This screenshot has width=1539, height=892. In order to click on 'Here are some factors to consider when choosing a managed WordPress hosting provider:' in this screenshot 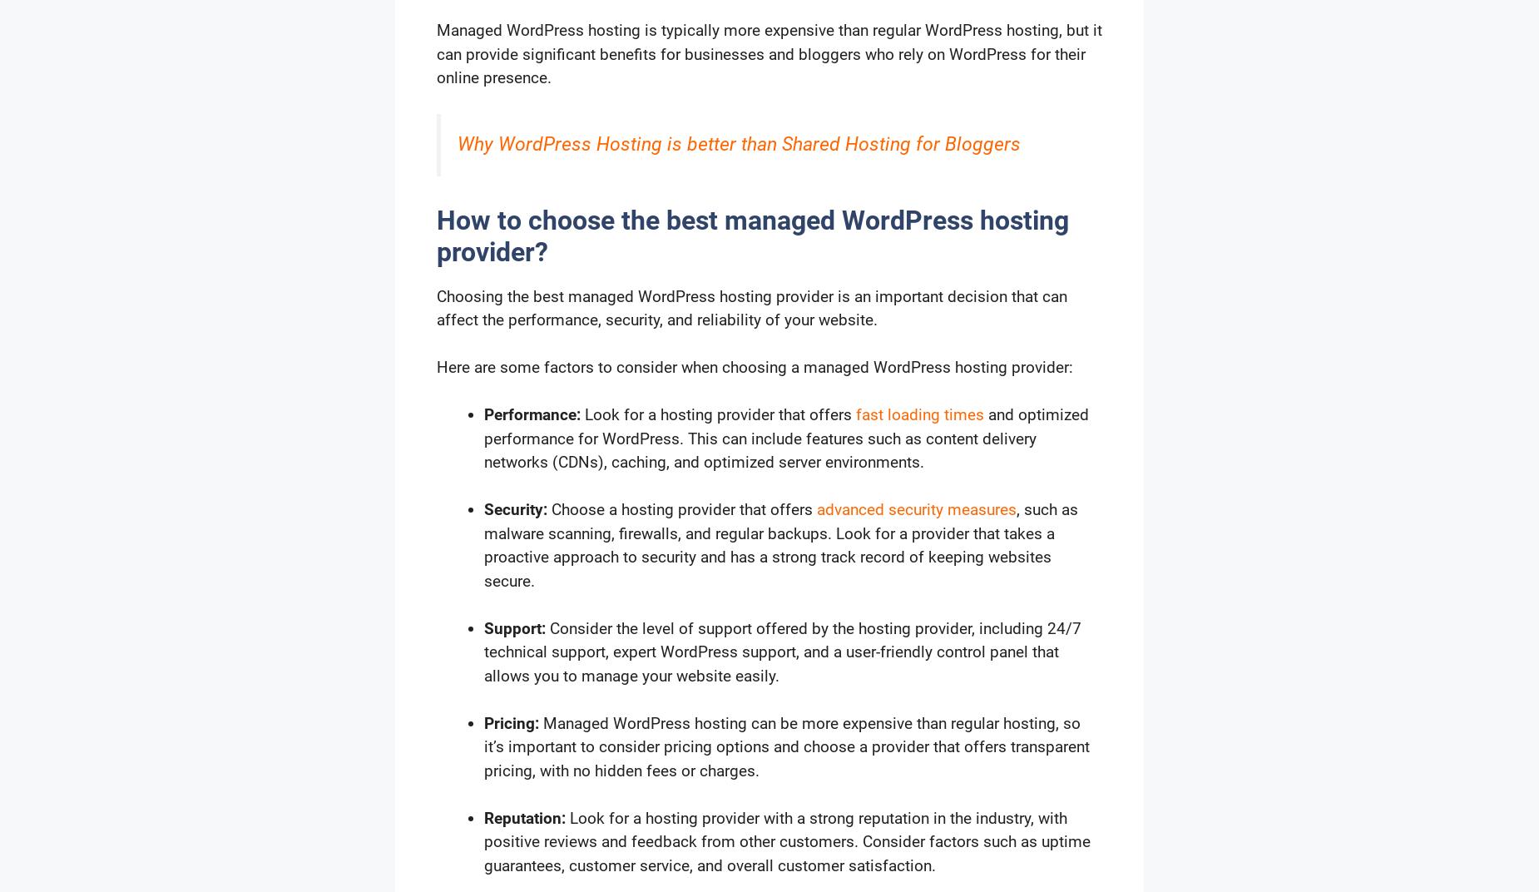, I will do `click(755, 366)`.